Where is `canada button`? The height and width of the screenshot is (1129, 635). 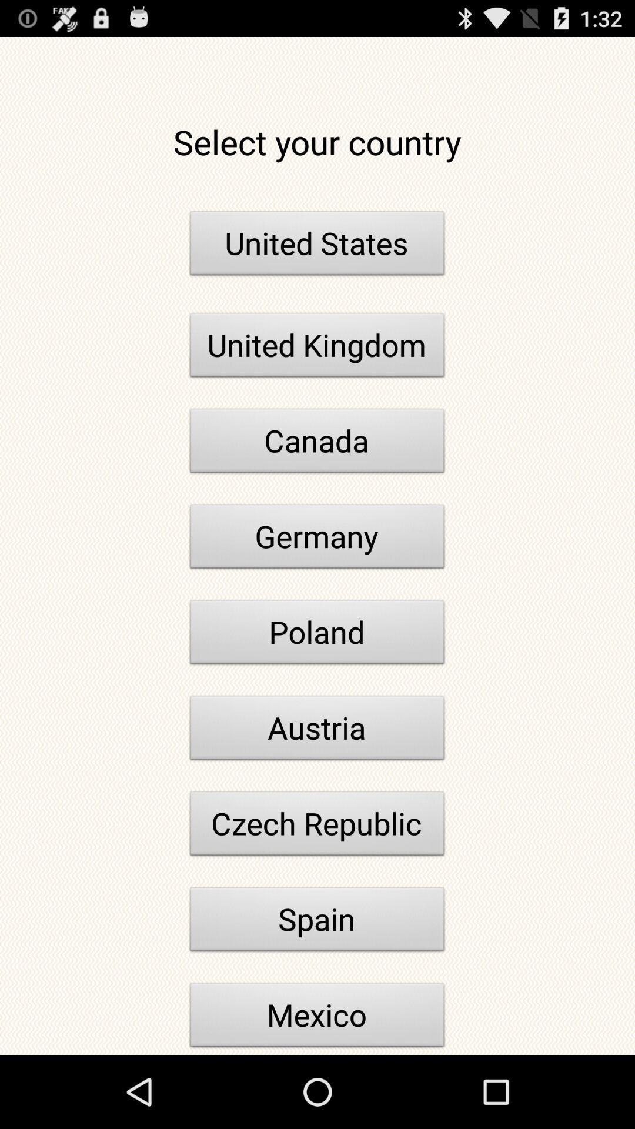 canada button is located at coordinates (317, 443).